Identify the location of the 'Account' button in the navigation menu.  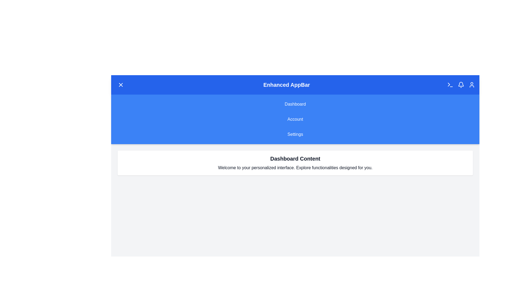
(295, 119).